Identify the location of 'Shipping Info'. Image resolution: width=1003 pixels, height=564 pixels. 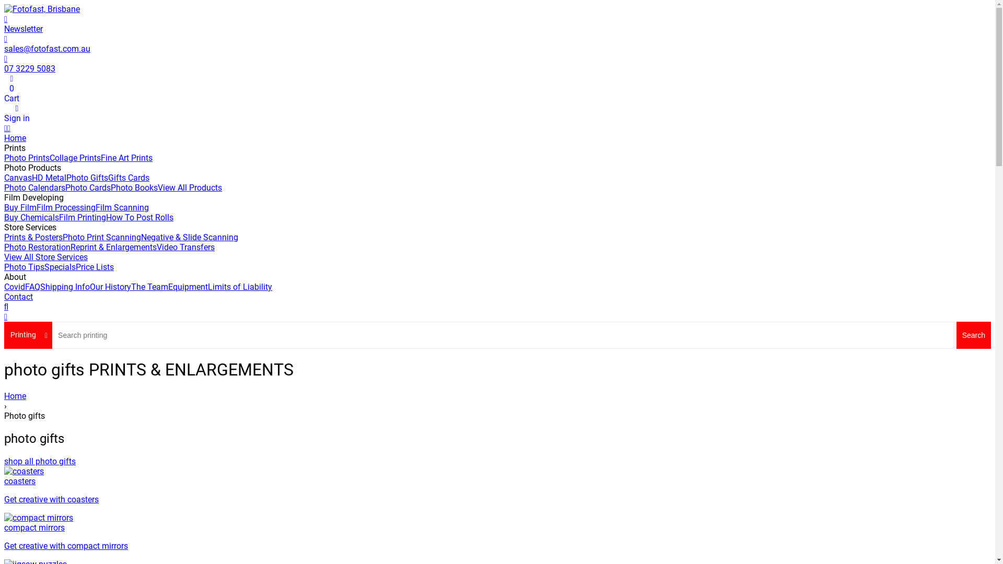
(64, 287).